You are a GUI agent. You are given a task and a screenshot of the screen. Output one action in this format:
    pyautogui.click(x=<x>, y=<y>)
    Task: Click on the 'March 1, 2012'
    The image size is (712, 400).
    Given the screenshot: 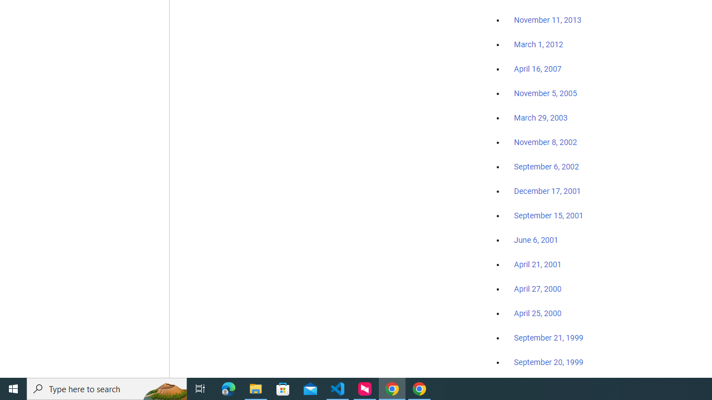 What is the action you would take?
    pyautogui.click(x=538, y=44)
    